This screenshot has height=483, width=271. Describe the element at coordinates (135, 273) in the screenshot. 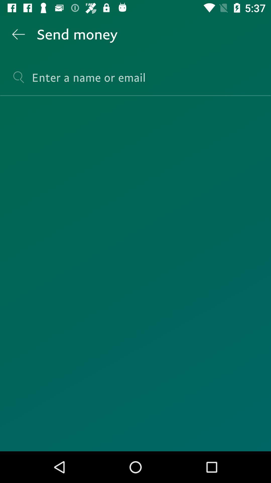

I see `icon at the center` at that location.